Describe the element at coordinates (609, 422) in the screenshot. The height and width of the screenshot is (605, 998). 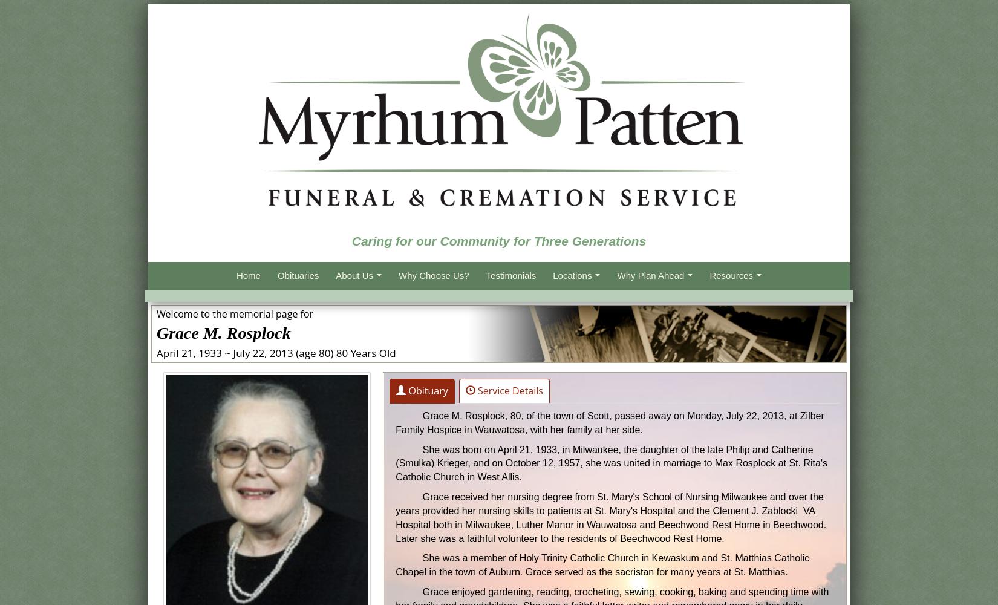
I see `'Grace M. Rosplock, 80, of the town of Scott, passed away on Monday, July 22, 2013, at Zilber Family Hospice in Wauwatosa, with her family at her side.'` at that location.